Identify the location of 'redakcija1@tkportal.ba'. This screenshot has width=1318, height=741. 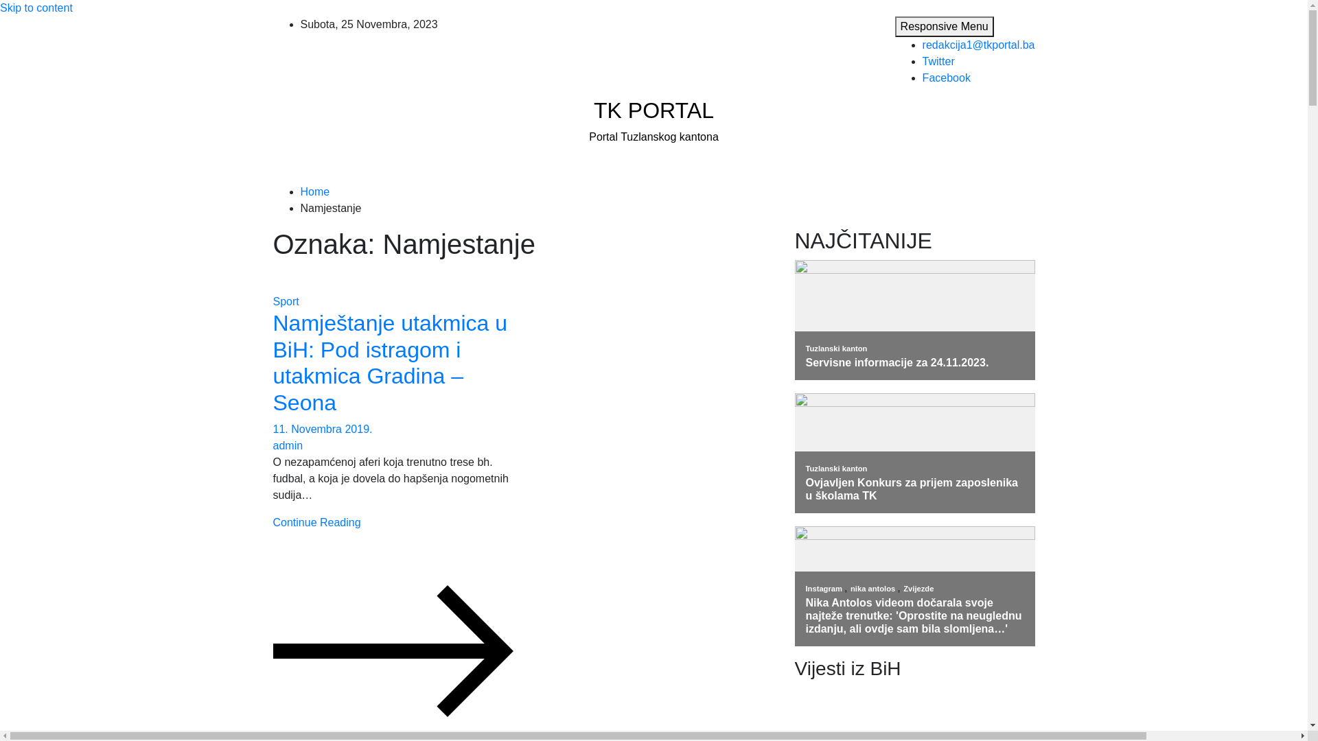
(978, 44).